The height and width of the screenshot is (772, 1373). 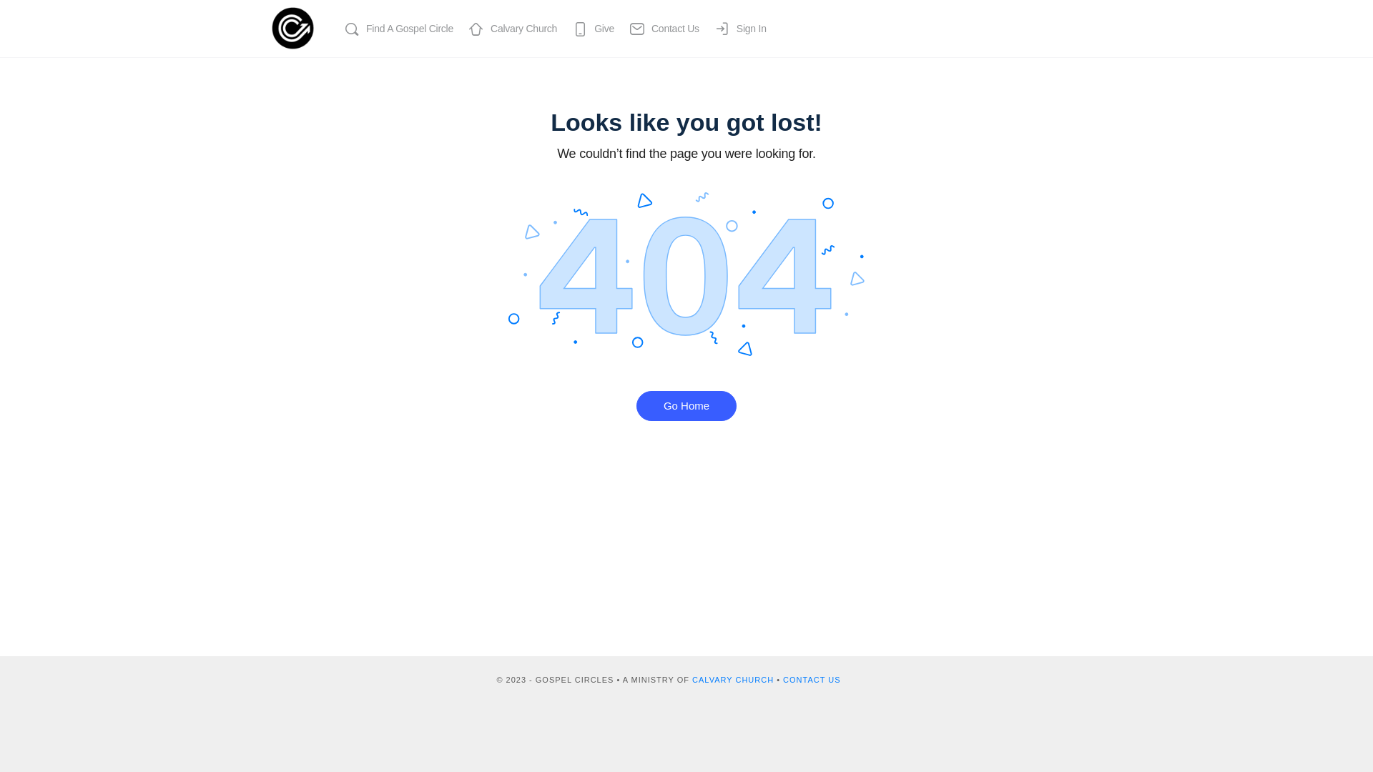 I want to click on 'CALVARY CHURCH', so click(x=733, y=679).